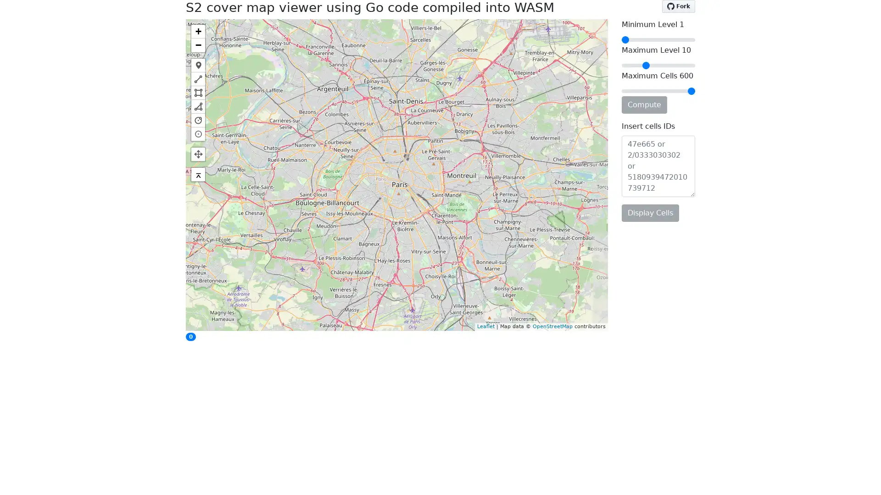 The width and height of the screenshot is (881, 495). I want to click on Display Cells, so click(650, 212).